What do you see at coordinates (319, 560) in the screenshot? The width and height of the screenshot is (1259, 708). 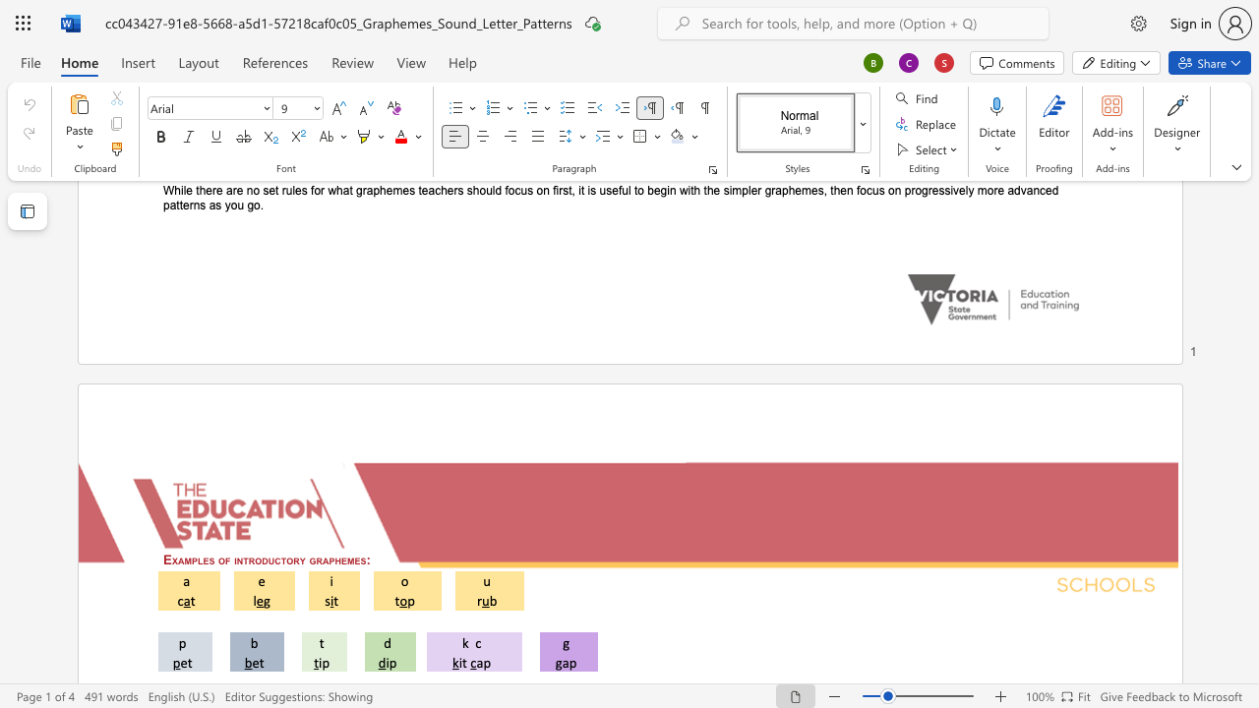 I see `the 3th character "r" in the text` at bounding box center [319, 560].